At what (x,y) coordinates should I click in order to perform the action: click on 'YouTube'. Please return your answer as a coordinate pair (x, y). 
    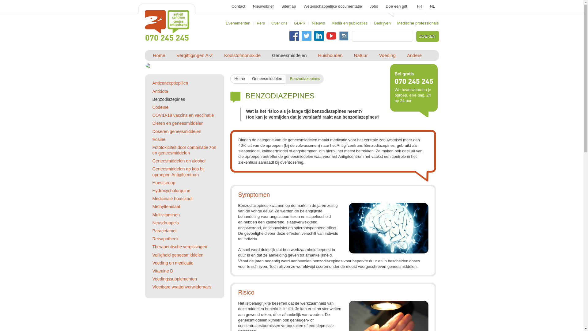
    Looking at the image, I should click on (331, 36).